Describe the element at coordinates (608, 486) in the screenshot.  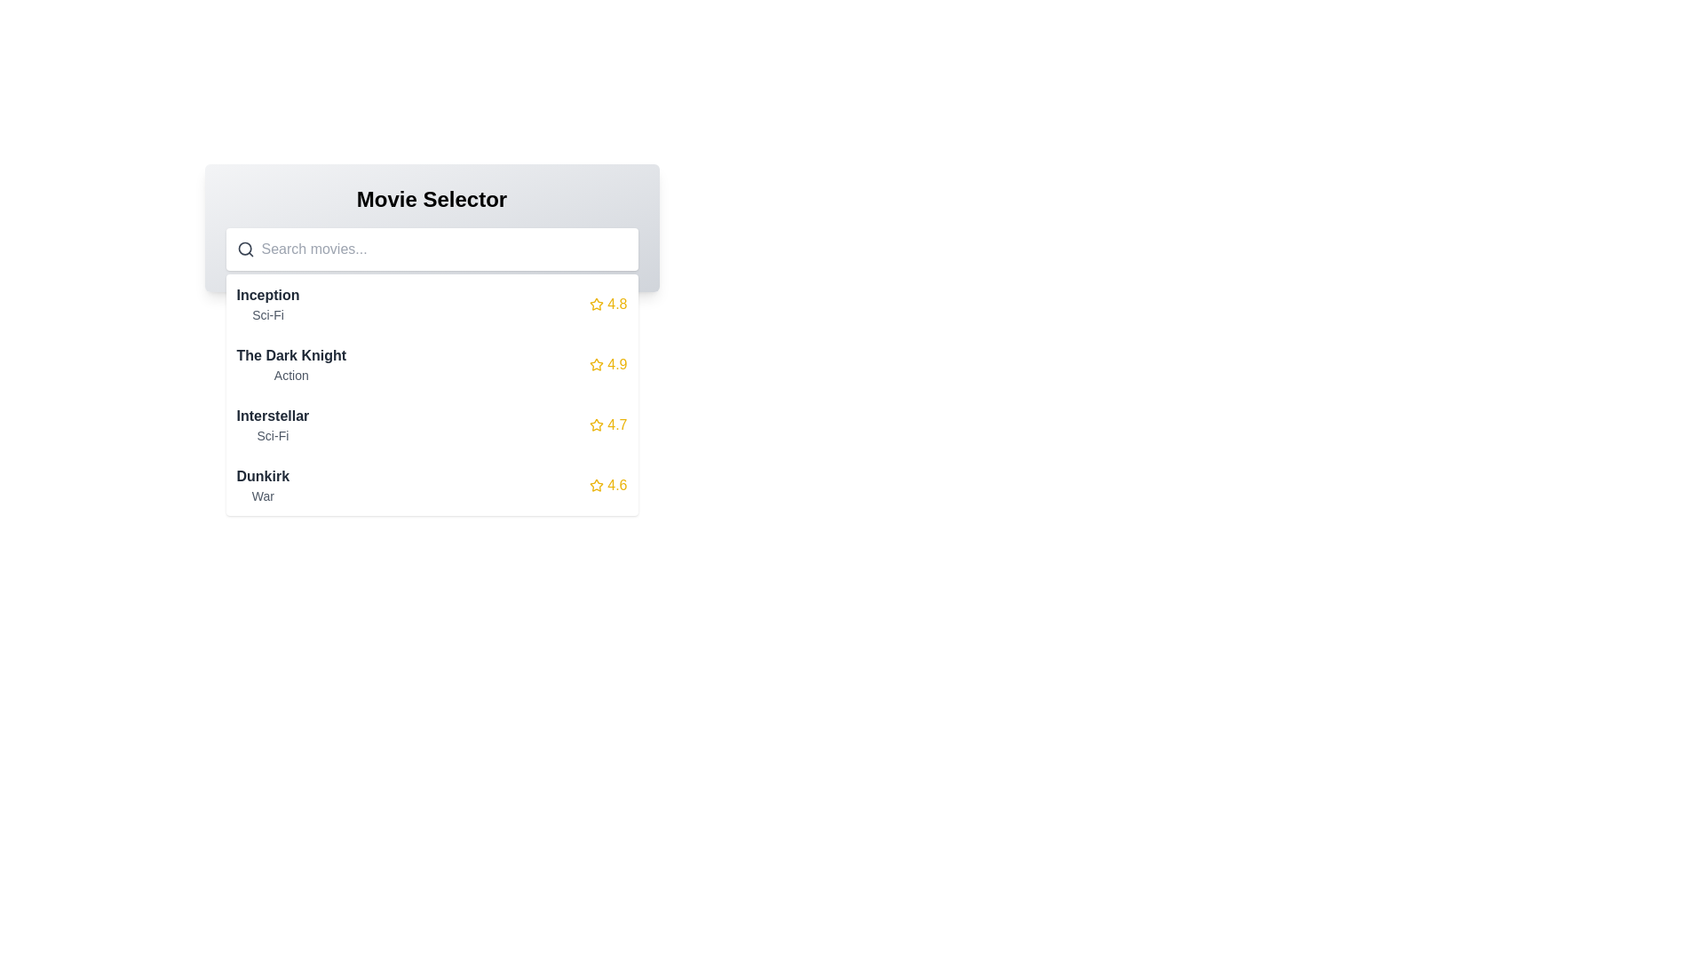
I see `the rating component displaying '4.6' with a yellow star icon, located on the right side of the row for the movie 'Dunkirk'` at that location.